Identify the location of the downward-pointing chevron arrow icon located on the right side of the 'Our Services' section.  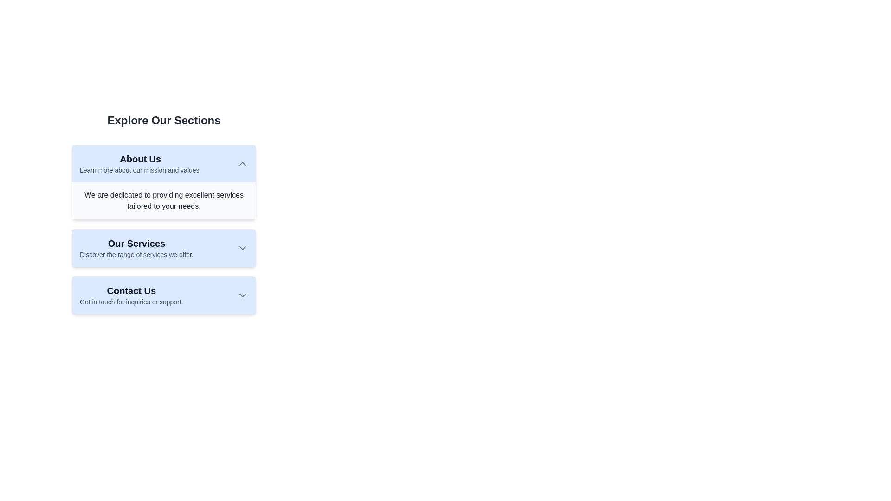
(243, 248).